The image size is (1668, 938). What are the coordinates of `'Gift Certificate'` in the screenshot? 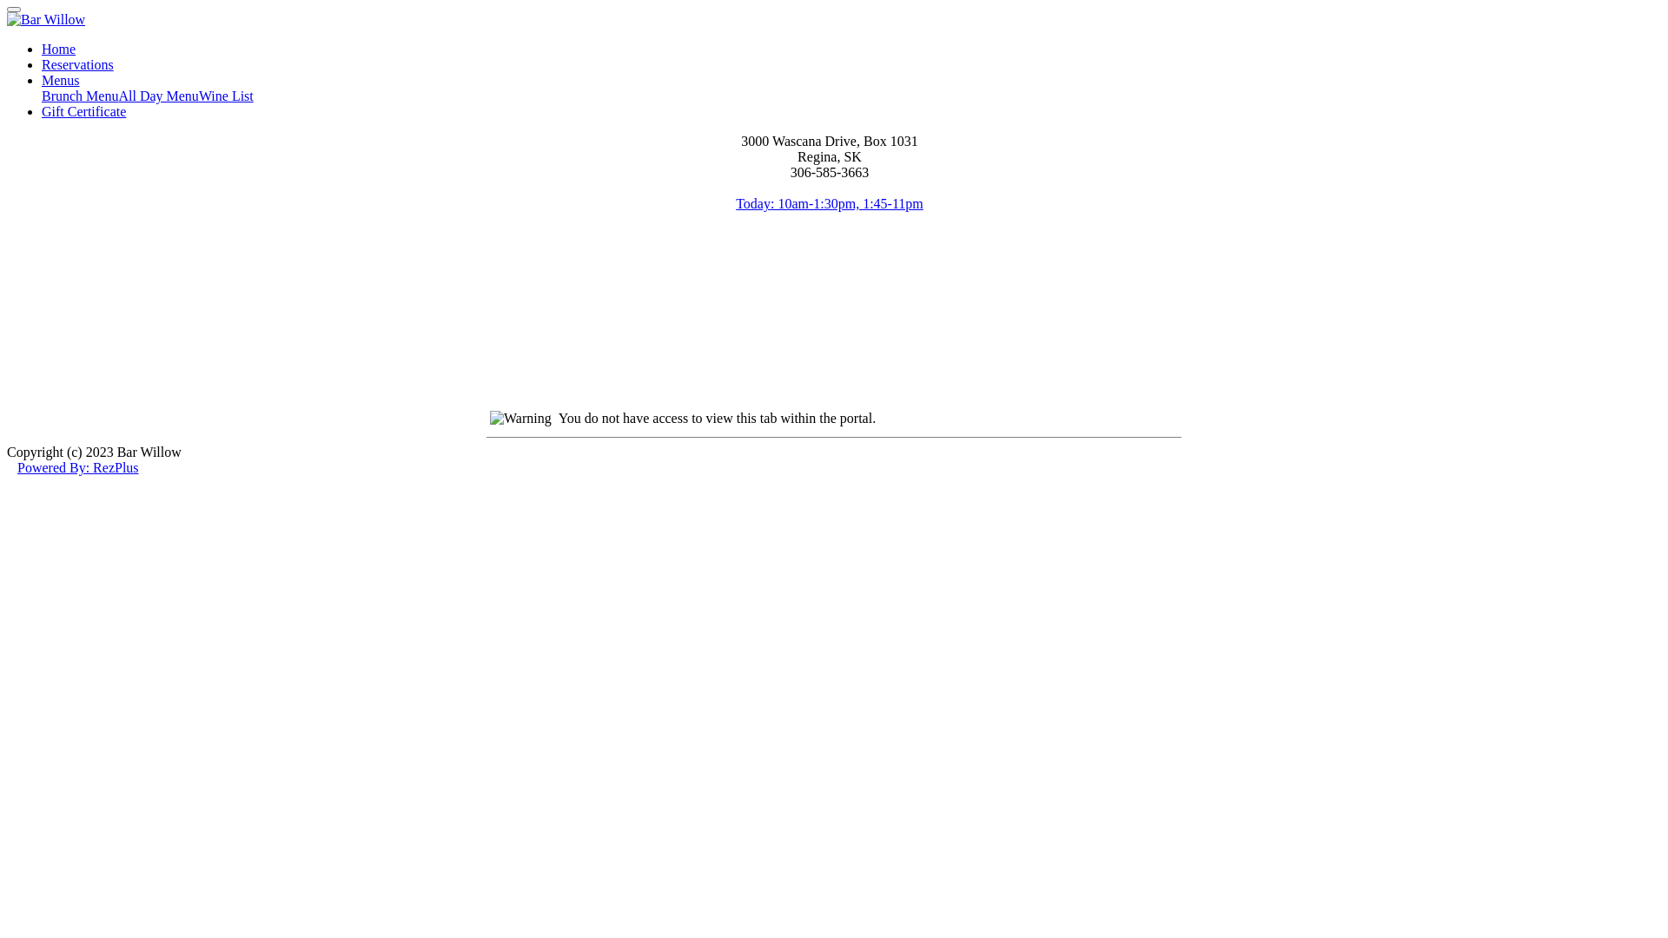 It's located at (42, 111).